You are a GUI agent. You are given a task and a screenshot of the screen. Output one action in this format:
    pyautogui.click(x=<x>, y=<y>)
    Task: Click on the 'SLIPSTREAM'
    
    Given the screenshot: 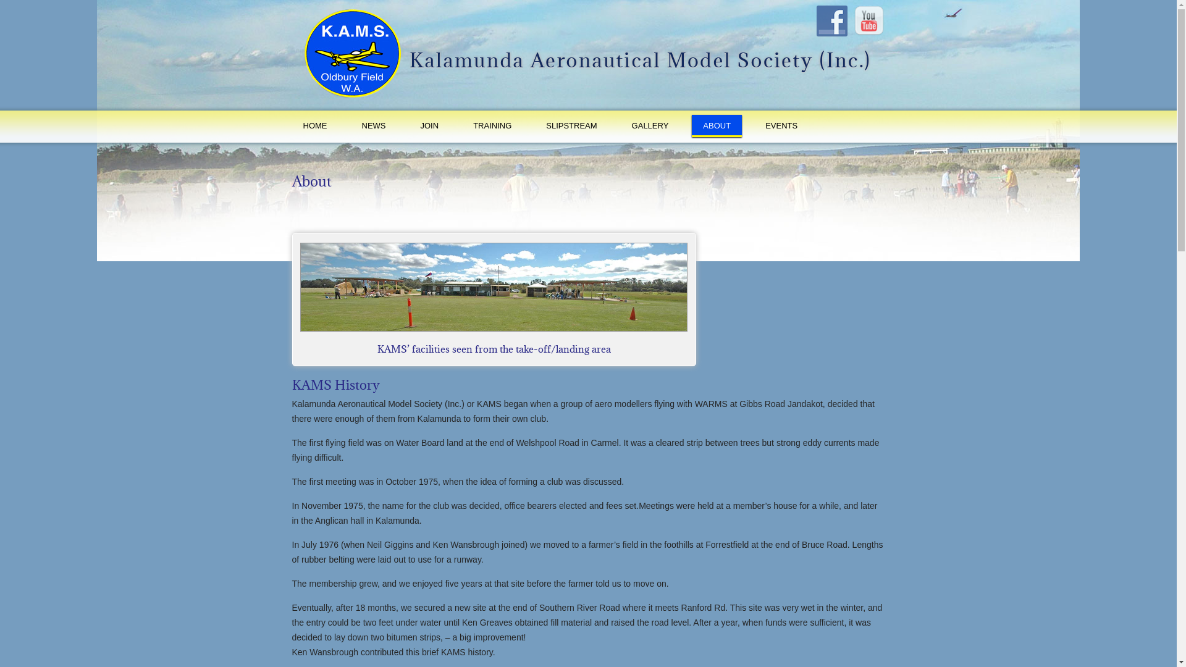 What is the action you would take?
    pyautogui.click(x=571, y=126)
    